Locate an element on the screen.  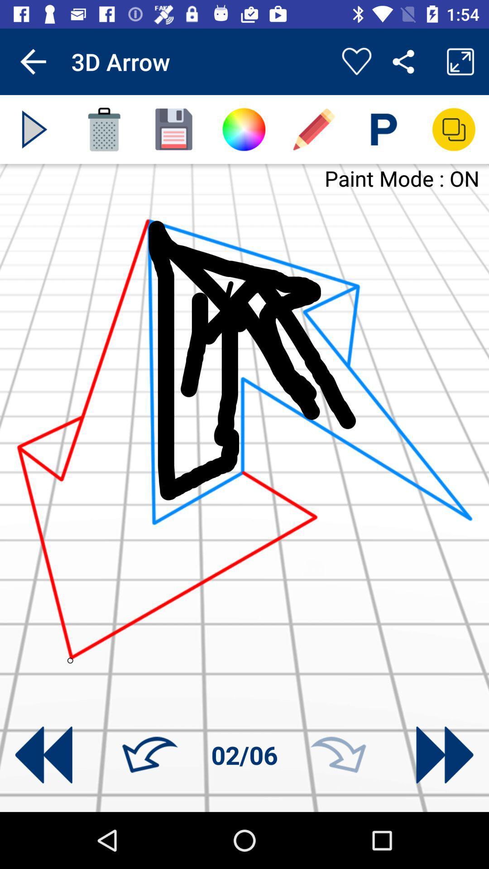
recycle bin is located at coordinates (104, 129).